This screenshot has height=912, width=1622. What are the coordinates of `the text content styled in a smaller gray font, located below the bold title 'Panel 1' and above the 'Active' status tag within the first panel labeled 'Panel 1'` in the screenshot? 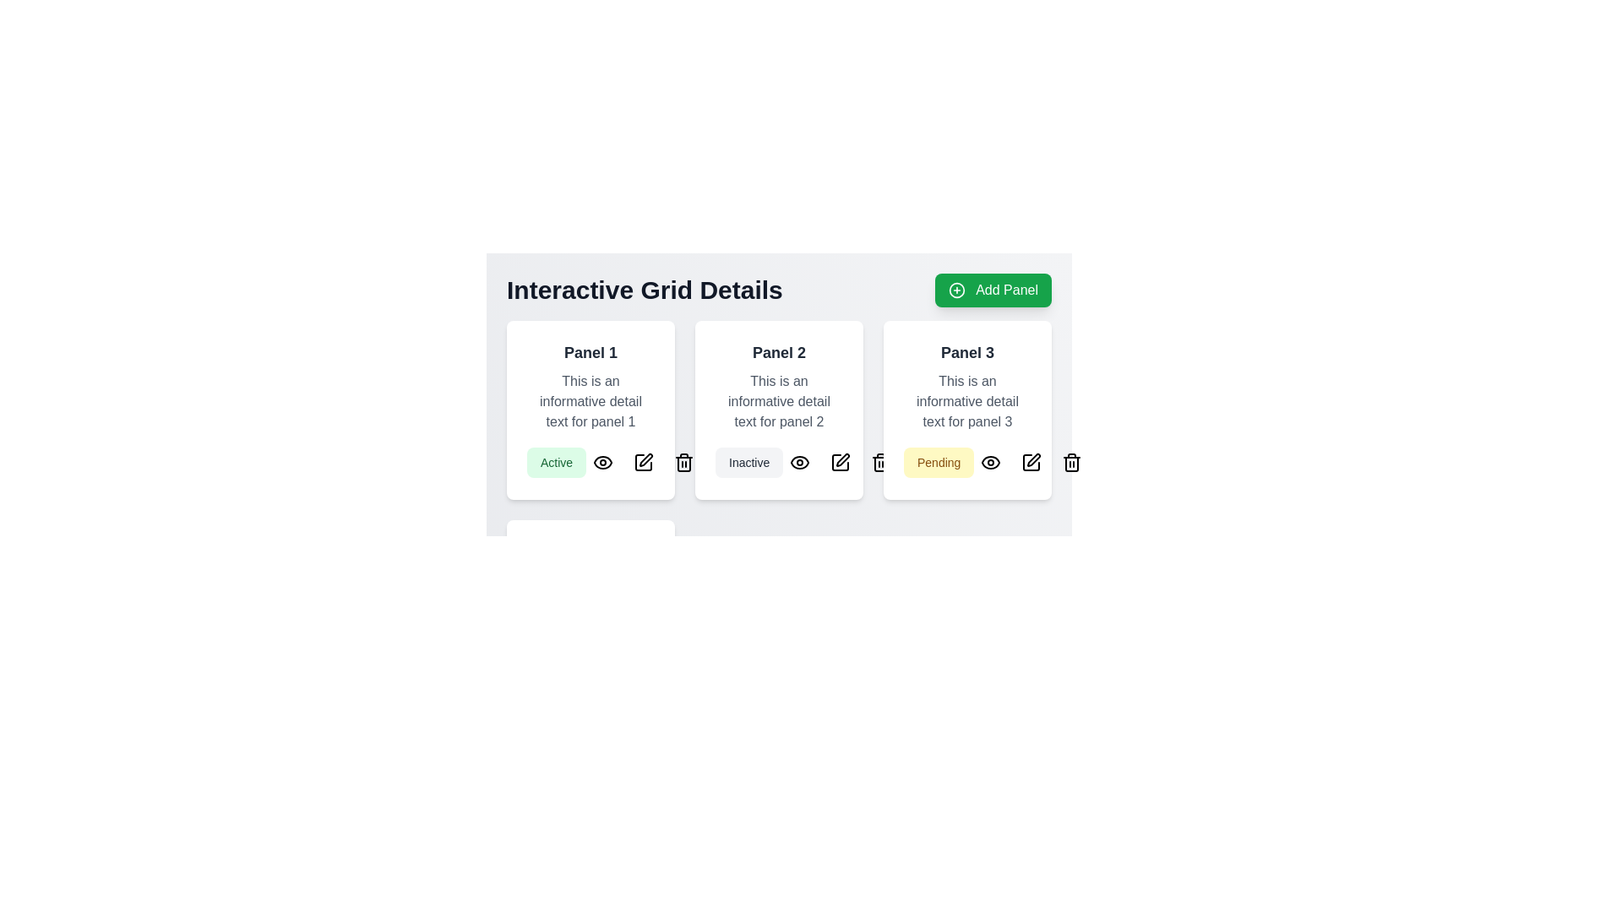 It's located at (591, 401).